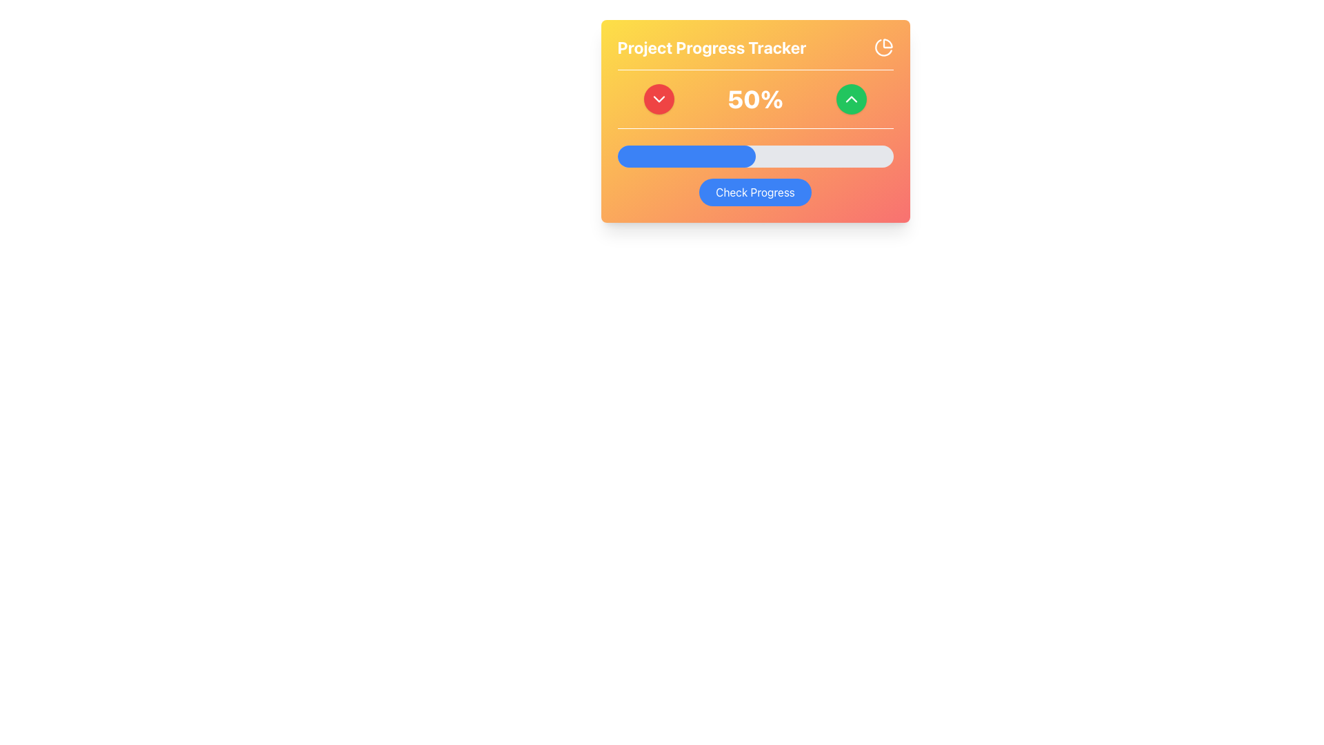  I want to click on the circular green button with a white upward chevron icon, located to the right of the '50%' text, so click(851, 98).